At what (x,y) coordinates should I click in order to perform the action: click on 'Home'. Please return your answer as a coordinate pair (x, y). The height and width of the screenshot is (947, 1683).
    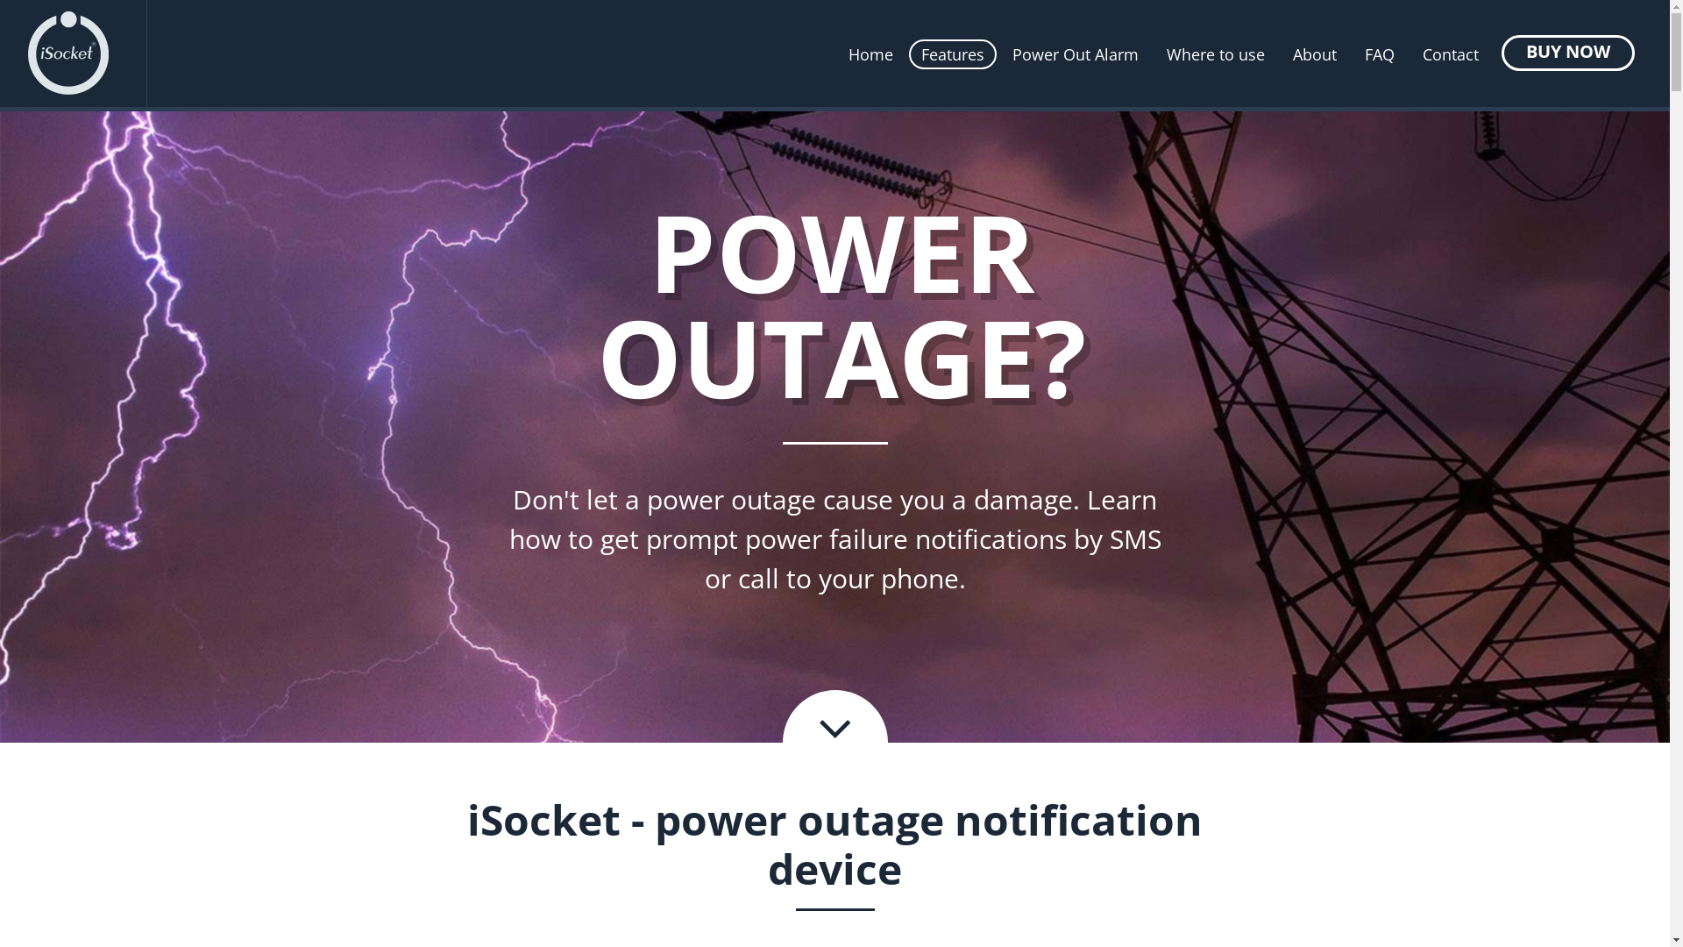
    Looking at the image, I should click on (870, 53).